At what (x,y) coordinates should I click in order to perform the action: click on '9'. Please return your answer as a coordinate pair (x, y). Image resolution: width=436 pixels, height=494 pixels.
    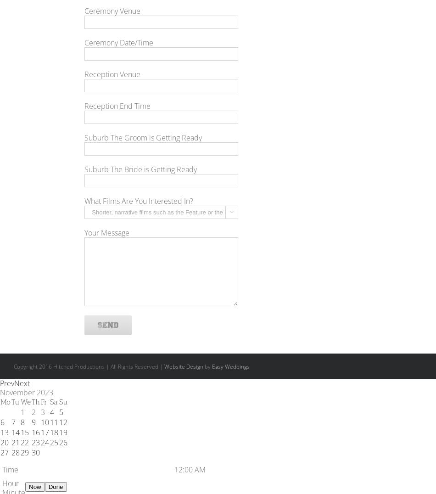
    Looking at the image, I should click on (34, 421).